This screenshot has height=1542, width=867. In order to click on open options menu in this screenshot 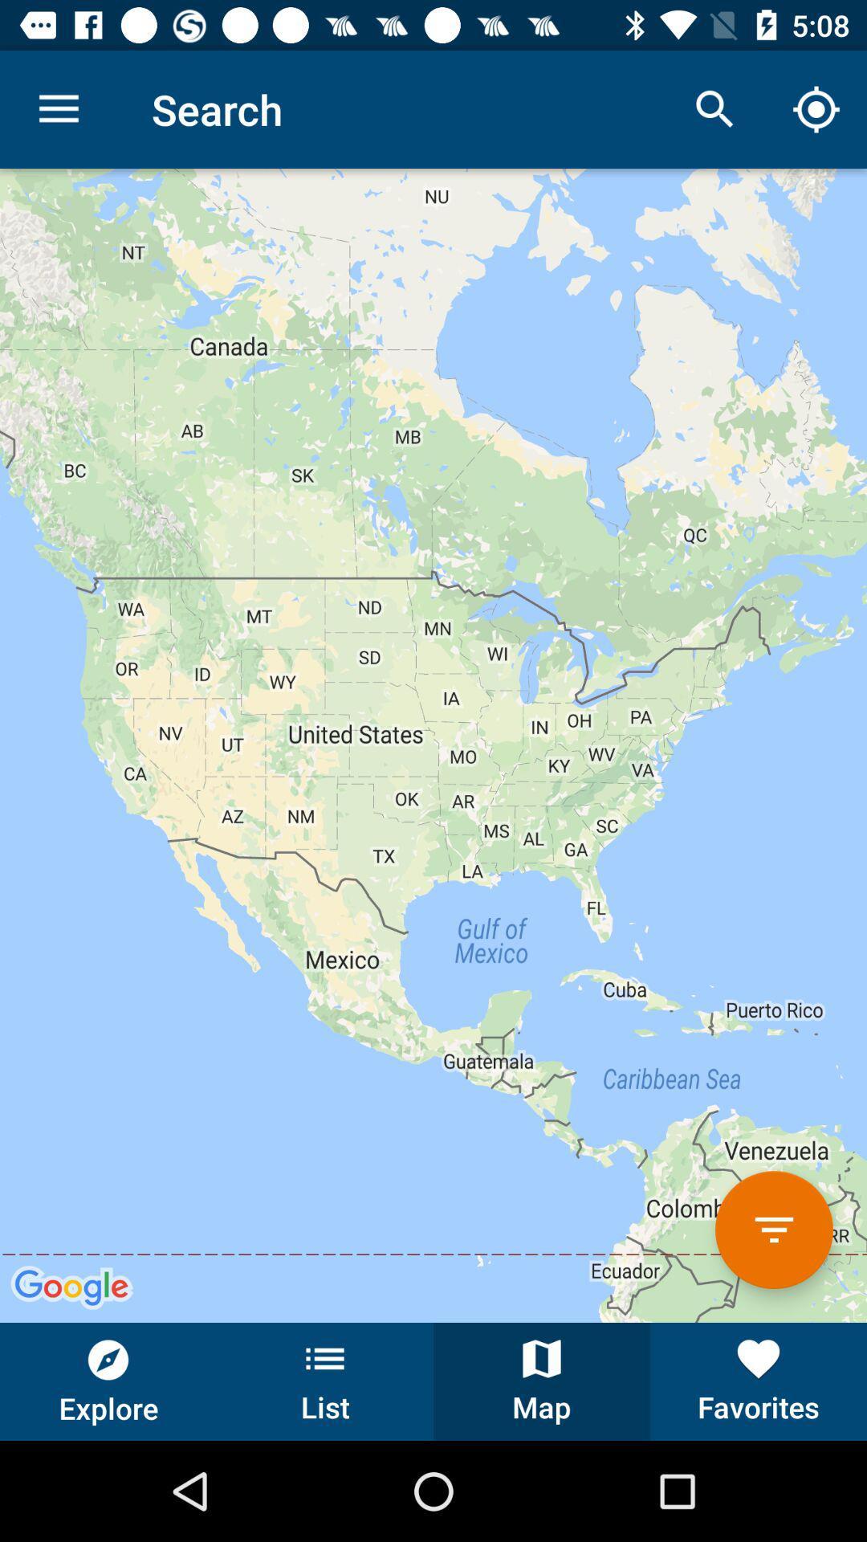, I will do `click(773, 1229)`.